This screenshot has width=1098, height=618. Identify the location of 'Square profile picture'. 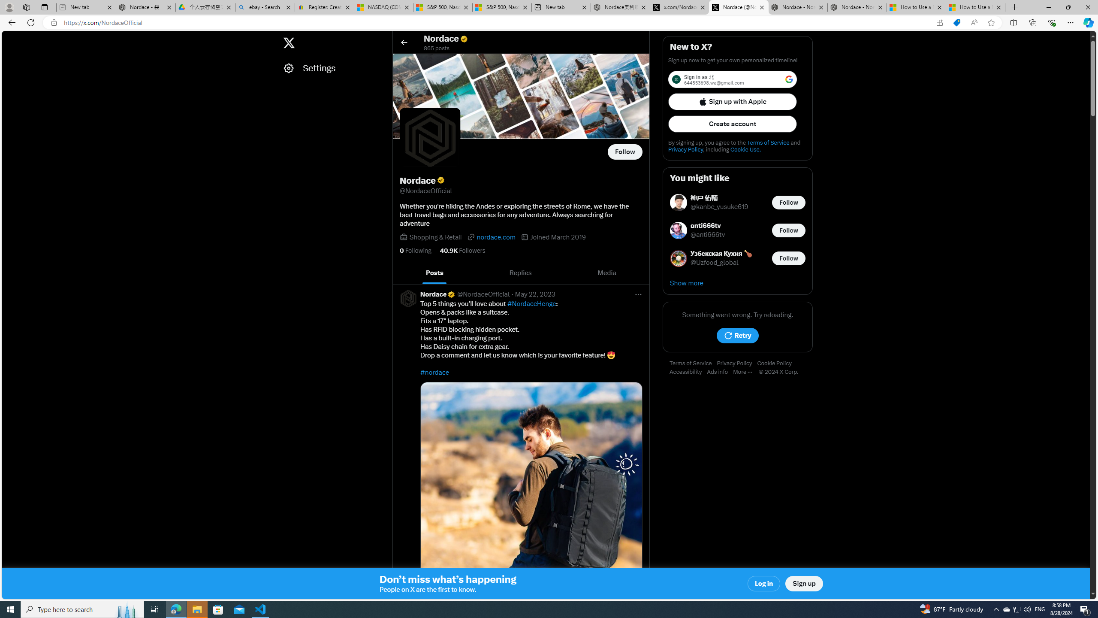
(407, 298).